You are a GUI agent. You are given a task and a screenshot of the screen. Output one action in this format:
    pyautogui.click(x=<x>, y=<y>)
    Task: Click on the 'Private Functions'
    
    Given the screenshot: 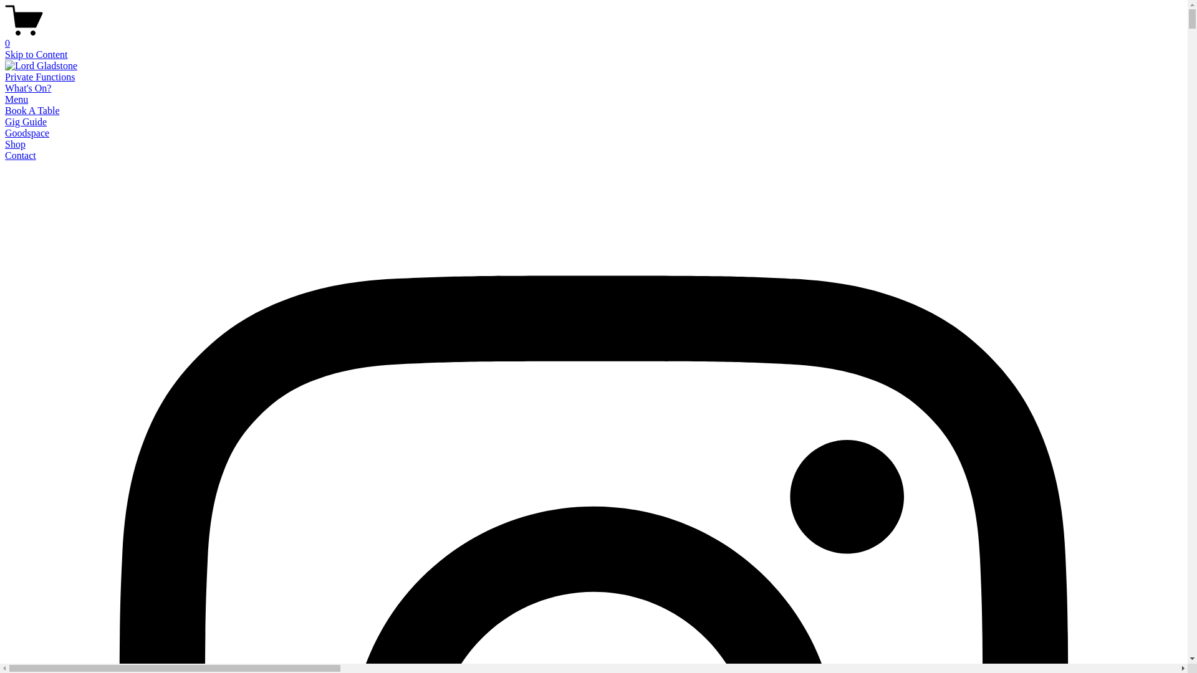 What is the action you would take?
    pyautogui.click(x=5, y=77)
    